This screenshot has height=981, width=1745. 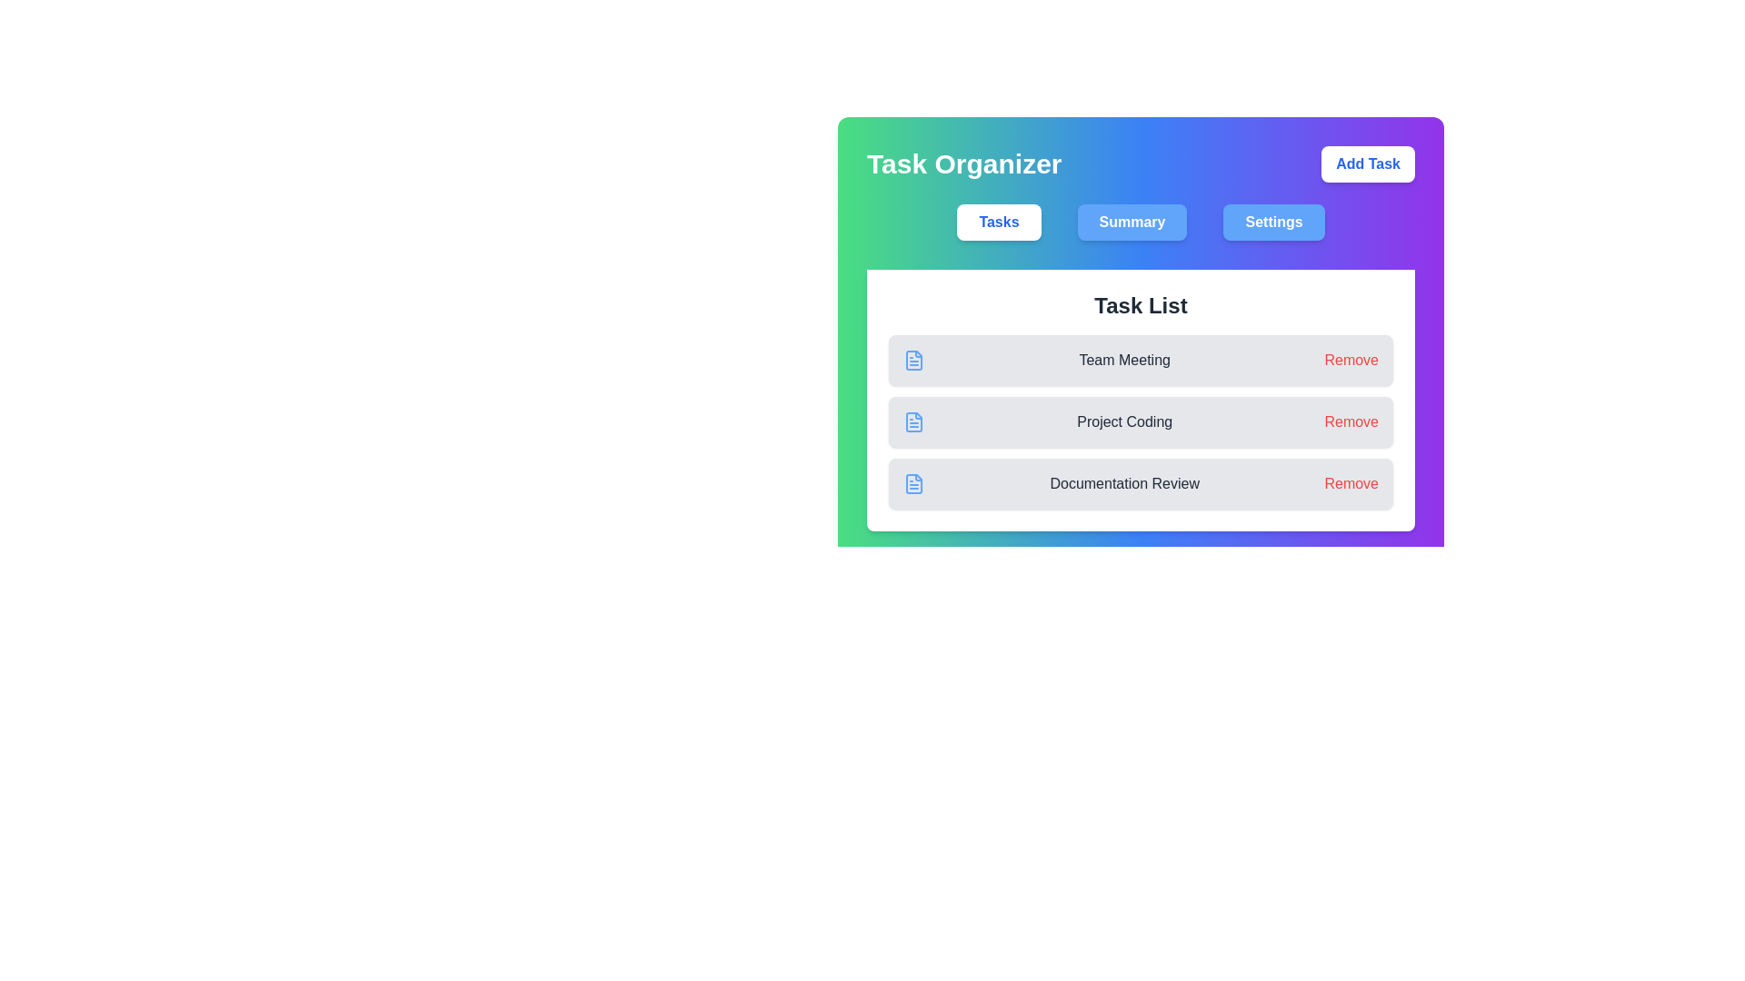 I want to click on the 'Summary' button, which is a rectangular button with a blue background and white text, so click(x=1132, y=222).